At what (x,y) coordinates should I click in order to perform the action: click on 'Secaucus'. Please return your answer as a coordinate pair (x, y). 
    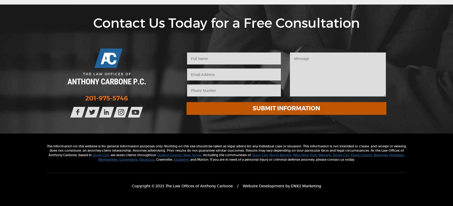
    Looking at the image, I should click on (147, 159).